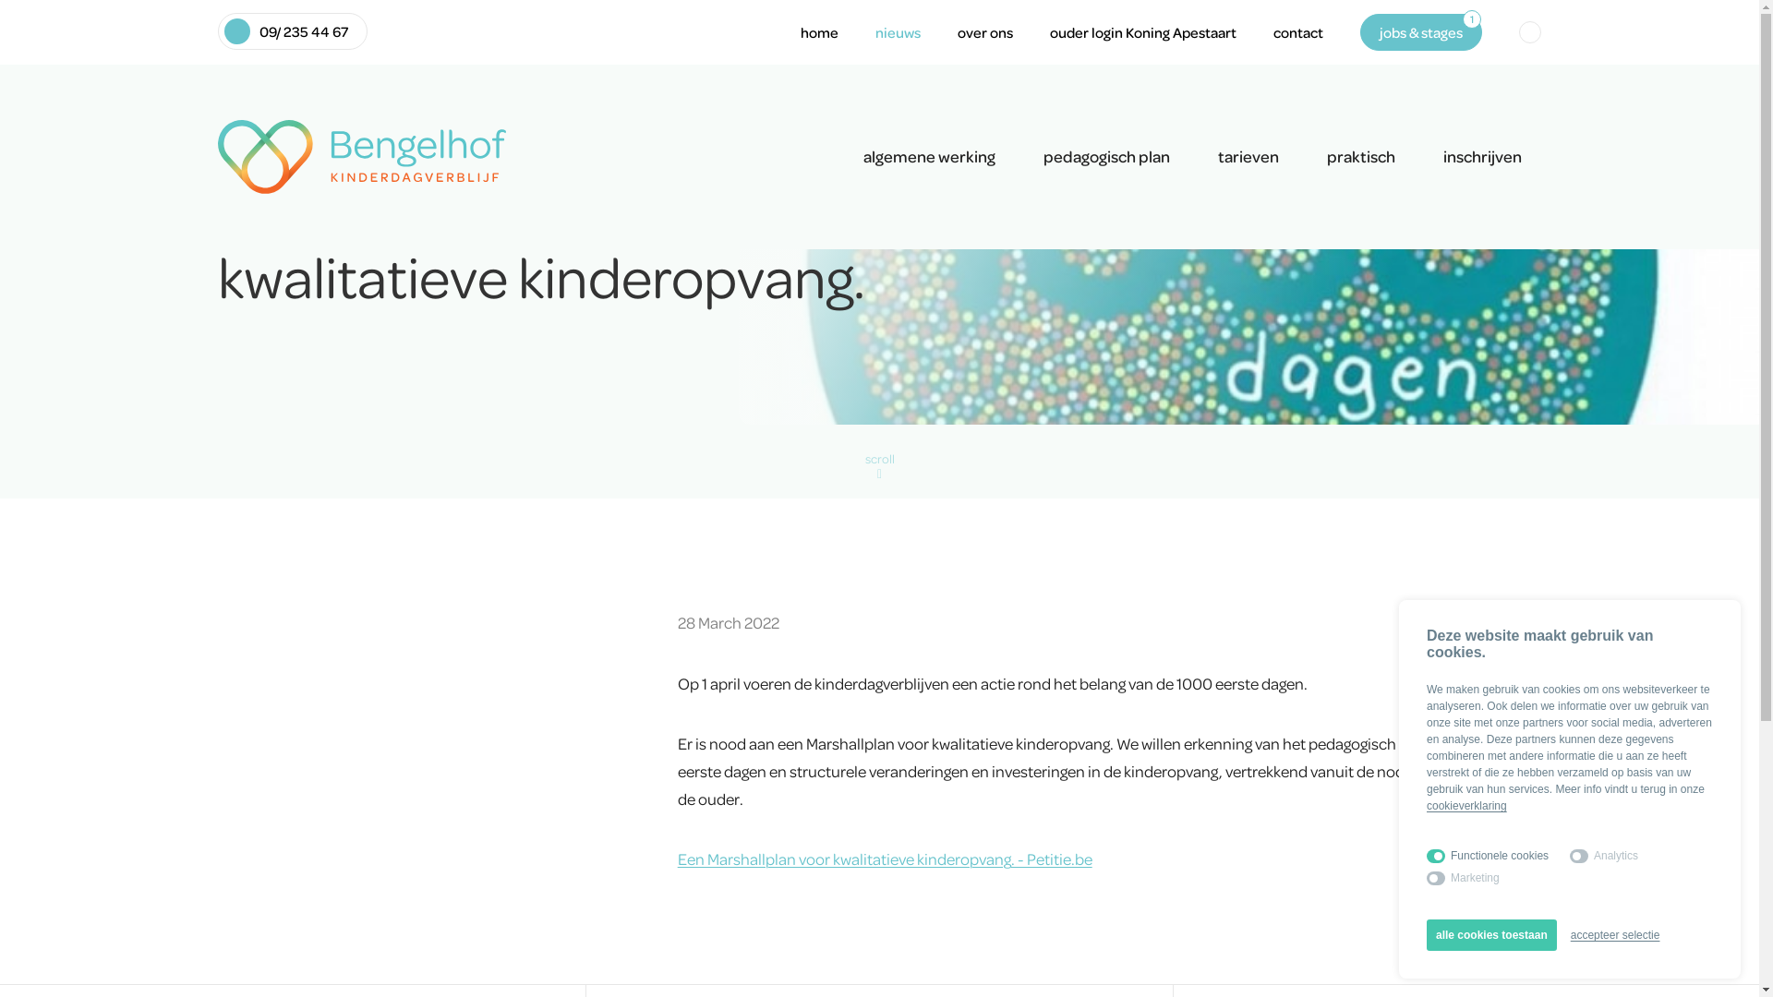  What do you see at coordinates (929, 155) in the screenshot?
I see `'algemene werking'` at bounding box center [929, 155].